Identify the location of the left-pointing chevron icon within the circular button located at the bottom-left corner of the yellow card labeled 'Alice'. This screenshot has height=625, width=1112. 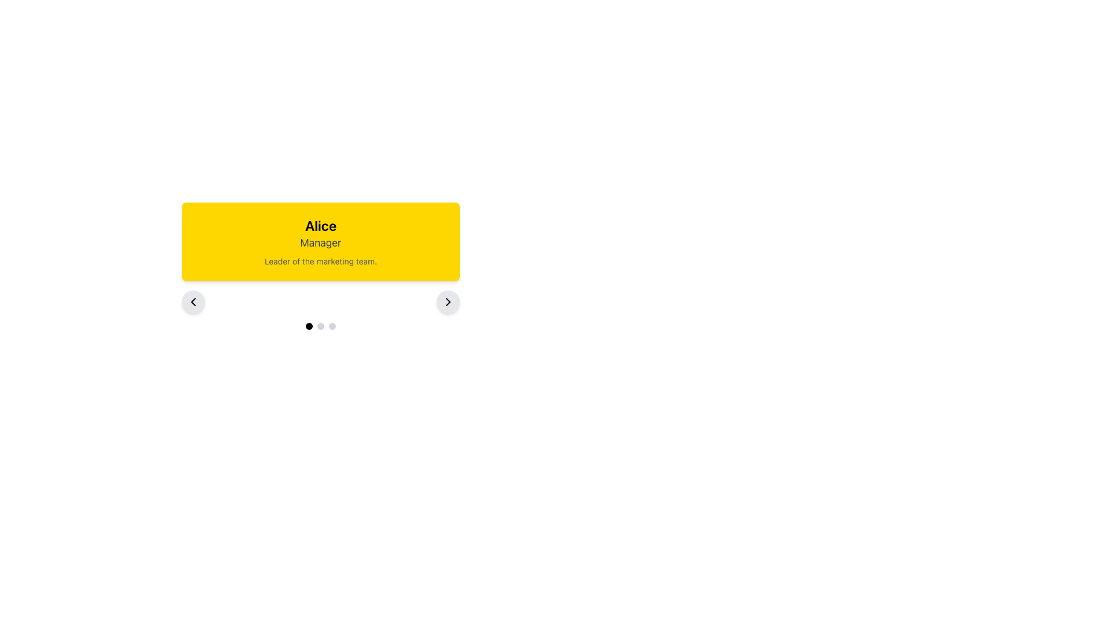
(193, 301).